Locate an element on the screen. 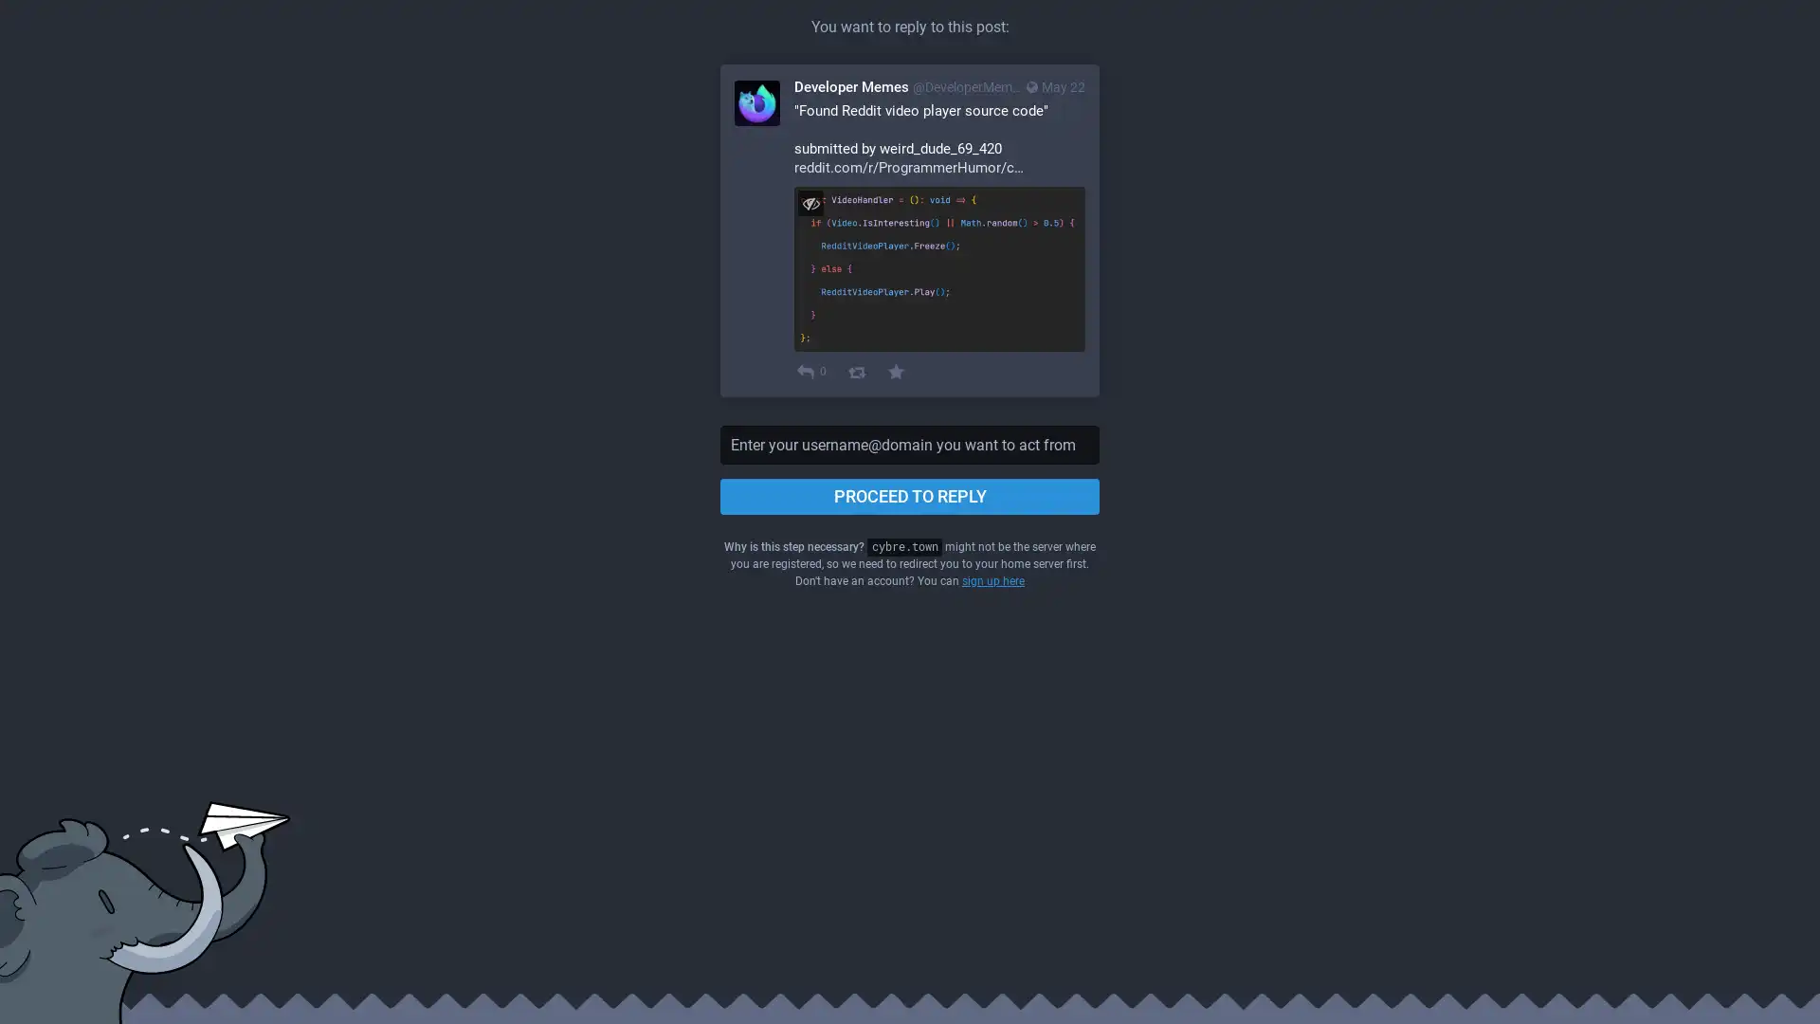 The image size is (1820, 1024). PROCEED TO REPLY is located at coordinates (910, 496).